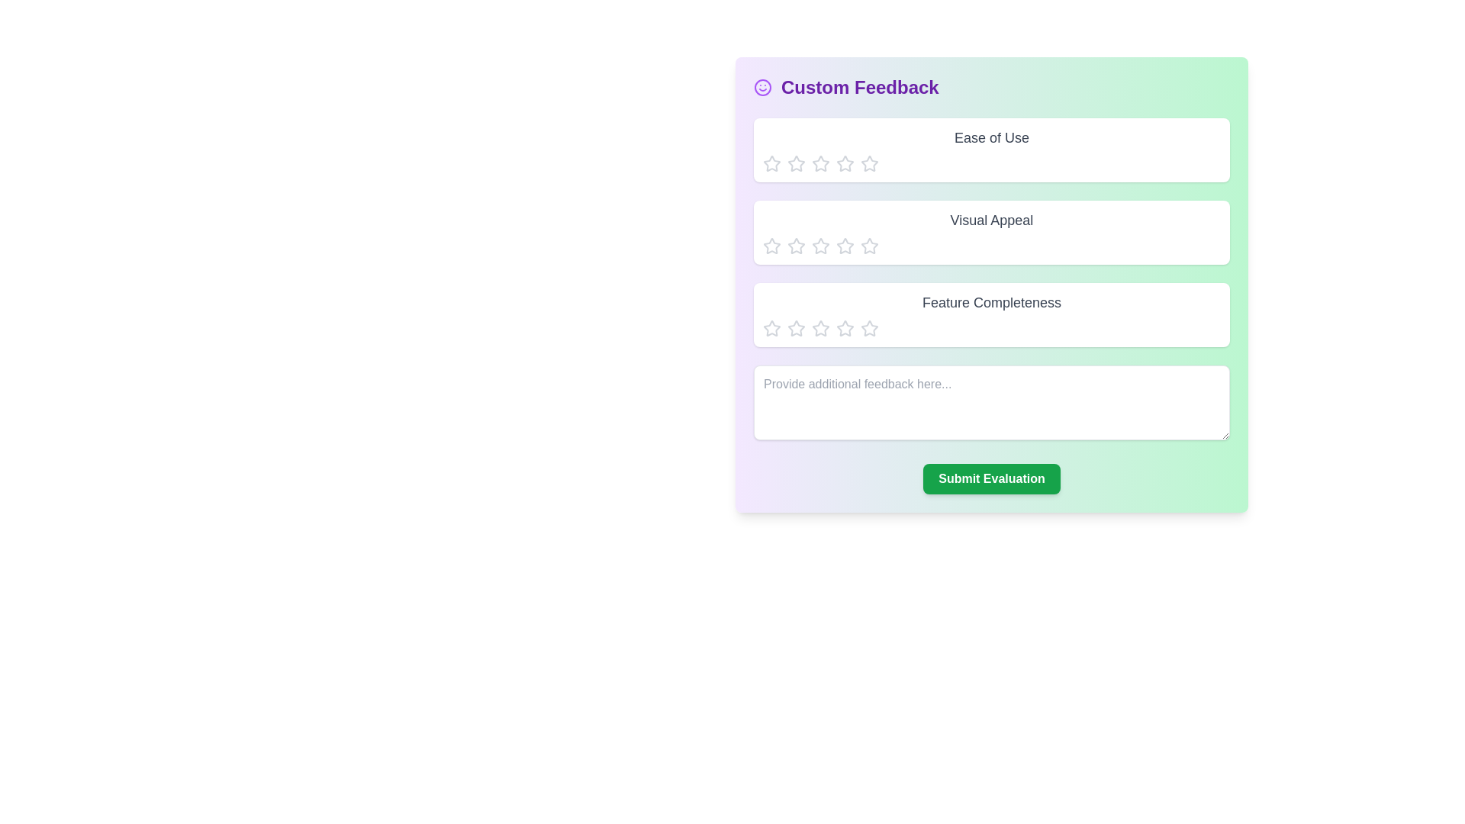 The image size is (1465, 824). What do you see at coordinates (819, 164) in the screenshot?
I see `the element Ease of Use Star 3 to observe its hover effect` at bounding box center [819, 164].